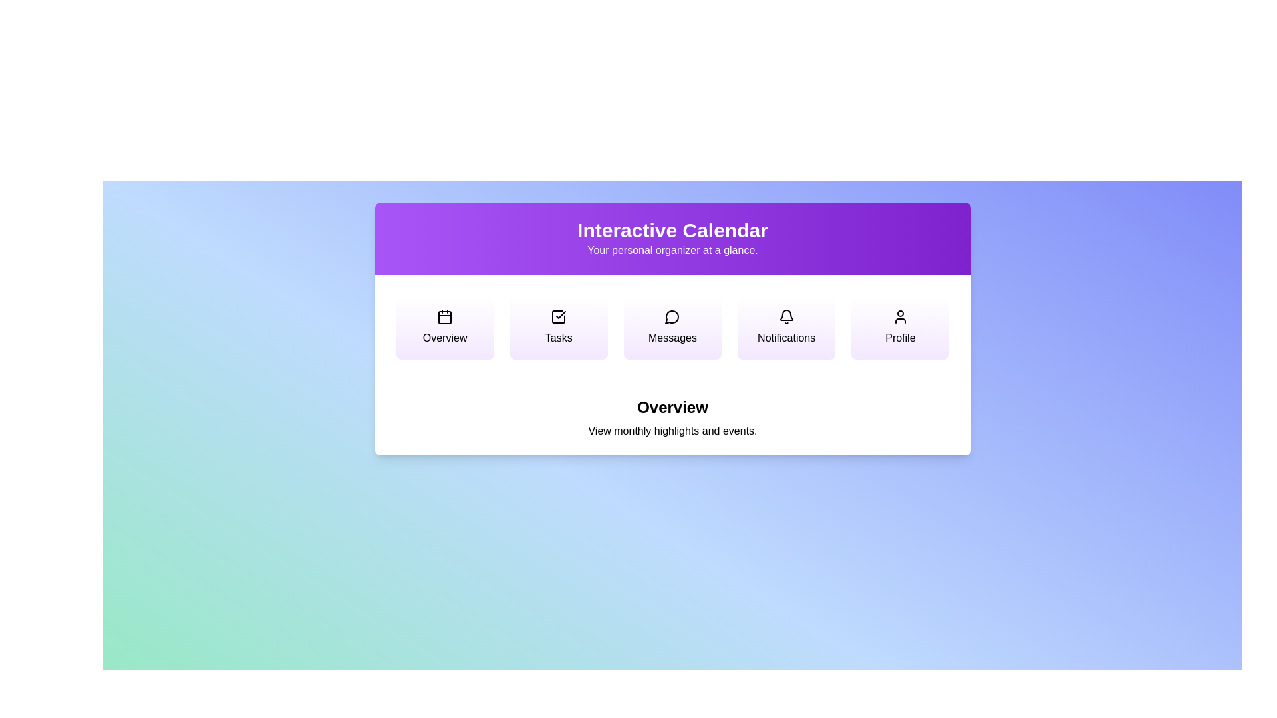 This screenshot has height=718, width=1277. What do you see at coordinates (559, 328) in the screenshot?
I see `the menu option Tasks to view its description` at bounding box center [559, 328].